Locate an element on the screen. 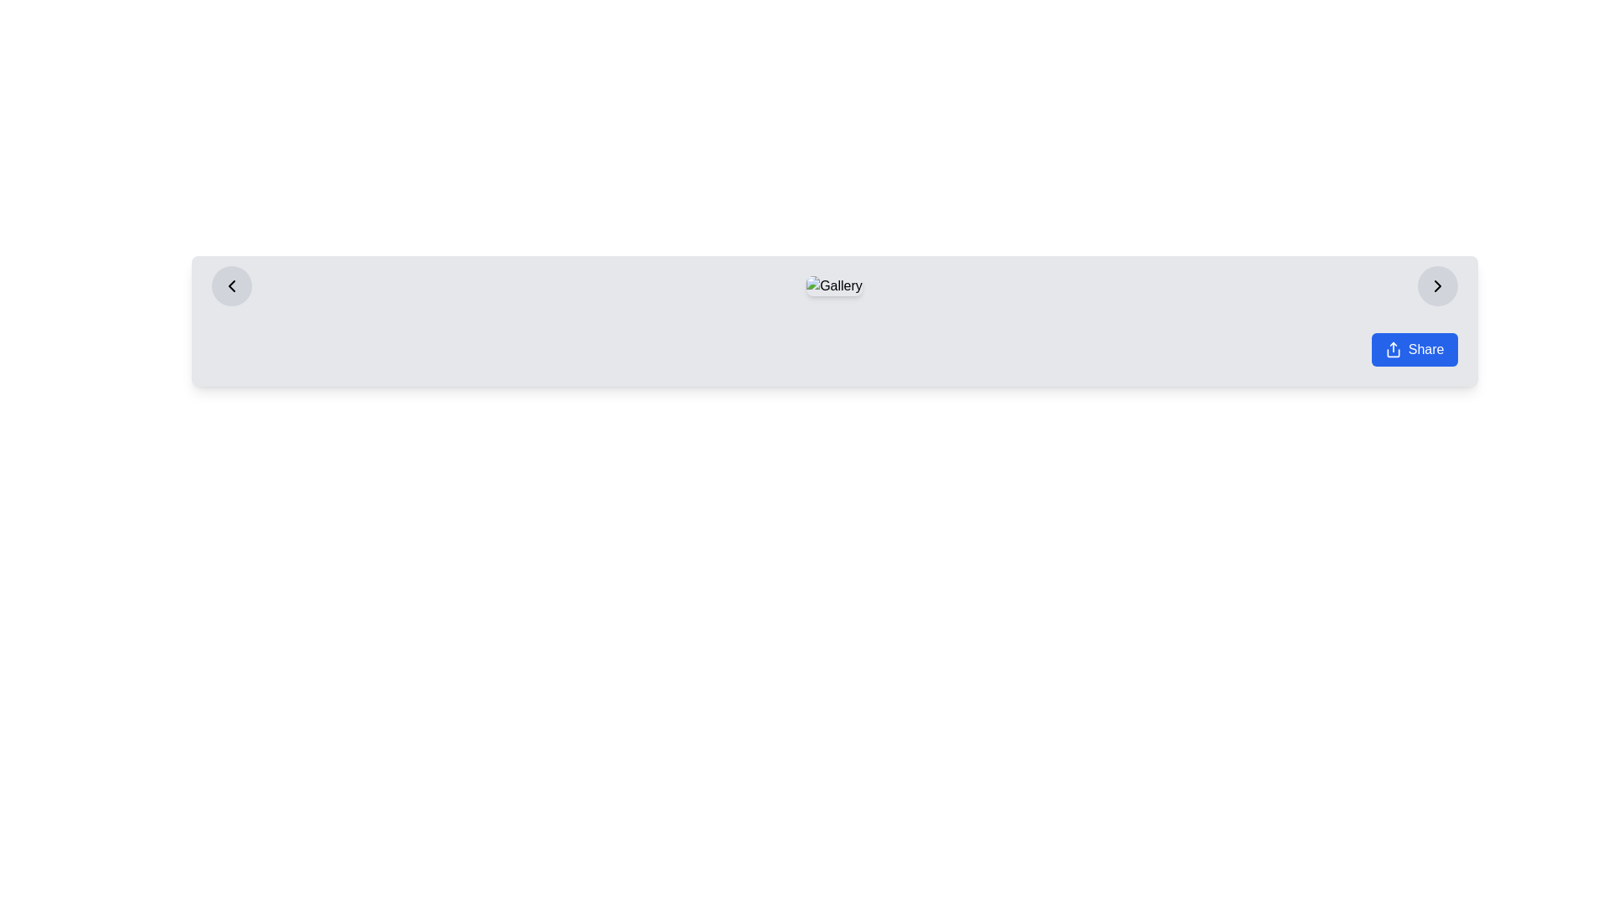 The image size is (1608, 904). on the second circular progress indicator in the group of three, used for tracking steps in a carousel or slideshow is located at coordinates (834, 314).